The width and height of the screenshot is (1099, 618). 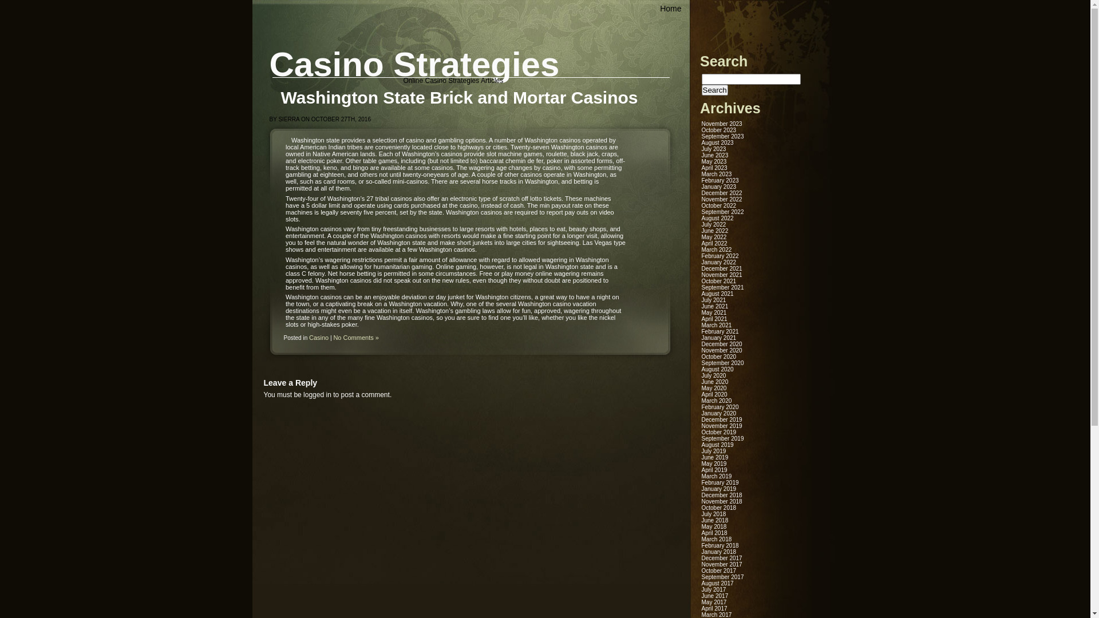 I want to click on 'March 2019', so click(x=716, y=476).